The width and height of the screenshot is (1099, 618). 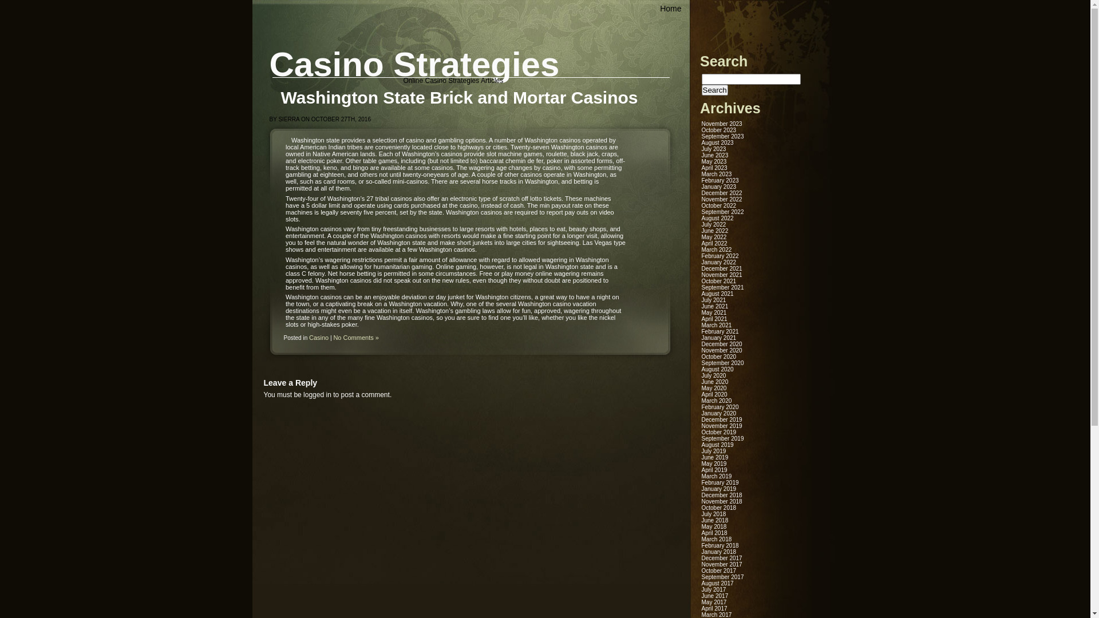 I want to click on 'March 2019', so click(x=716, y=476).